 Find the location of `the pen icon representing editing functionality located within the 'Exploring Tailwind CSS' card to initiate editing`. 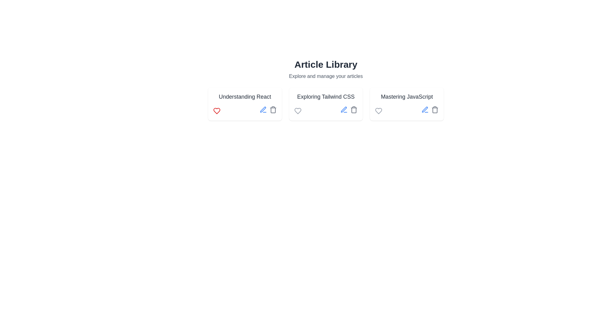

the pen icon representing editing functionality located within the 'Exploring Tailwind CSS' card to initiate editing is located at coordinates (343, 109).